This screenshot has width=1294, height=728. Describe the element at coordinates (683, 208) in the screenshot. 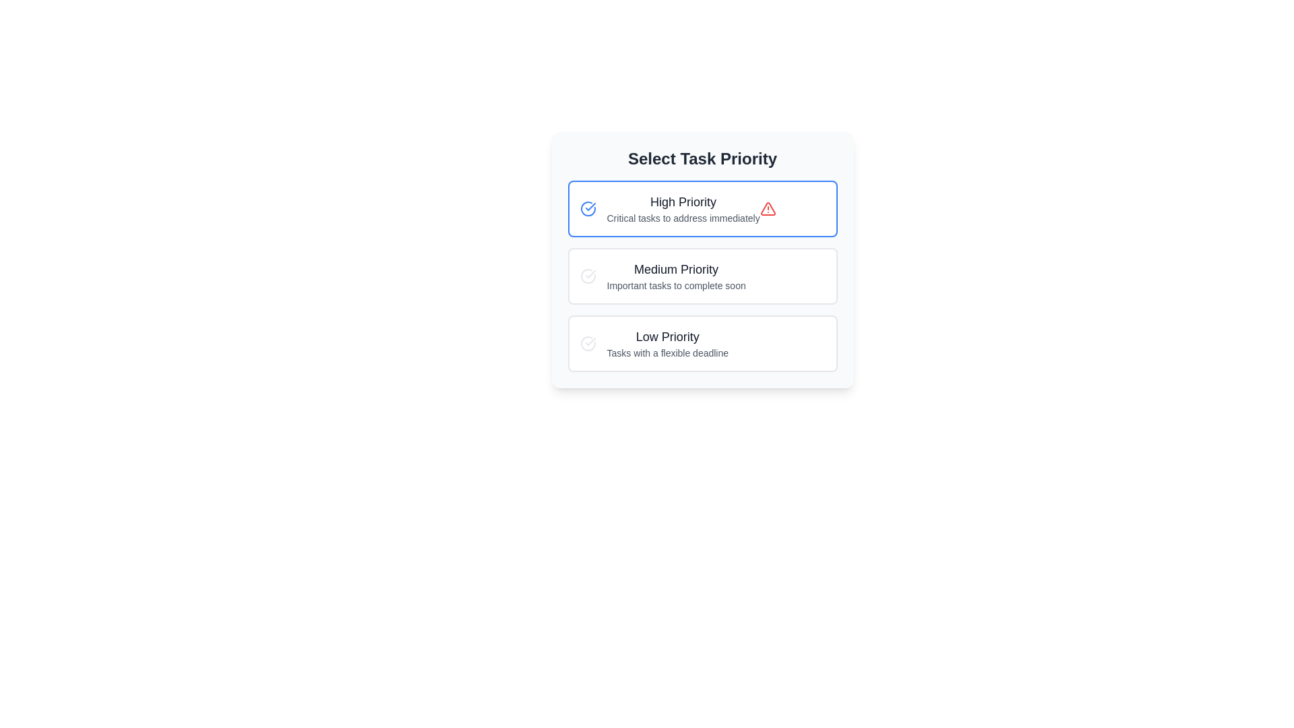

I see `the 'High Priority' label which is positioned above the 'Medium Priority' and 'Low Priority' entries in the vertically stacked list` at that location.